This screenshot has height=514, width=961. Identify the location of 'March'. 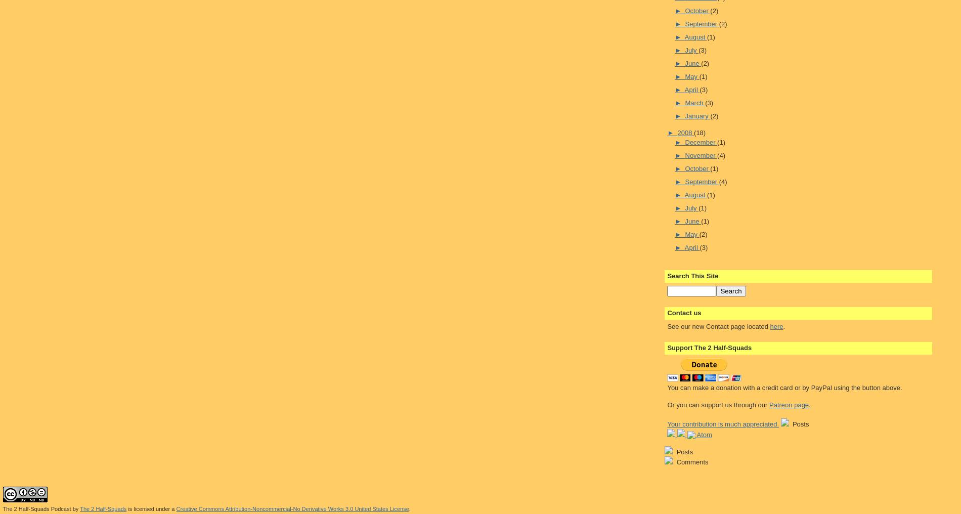
(694, 103).